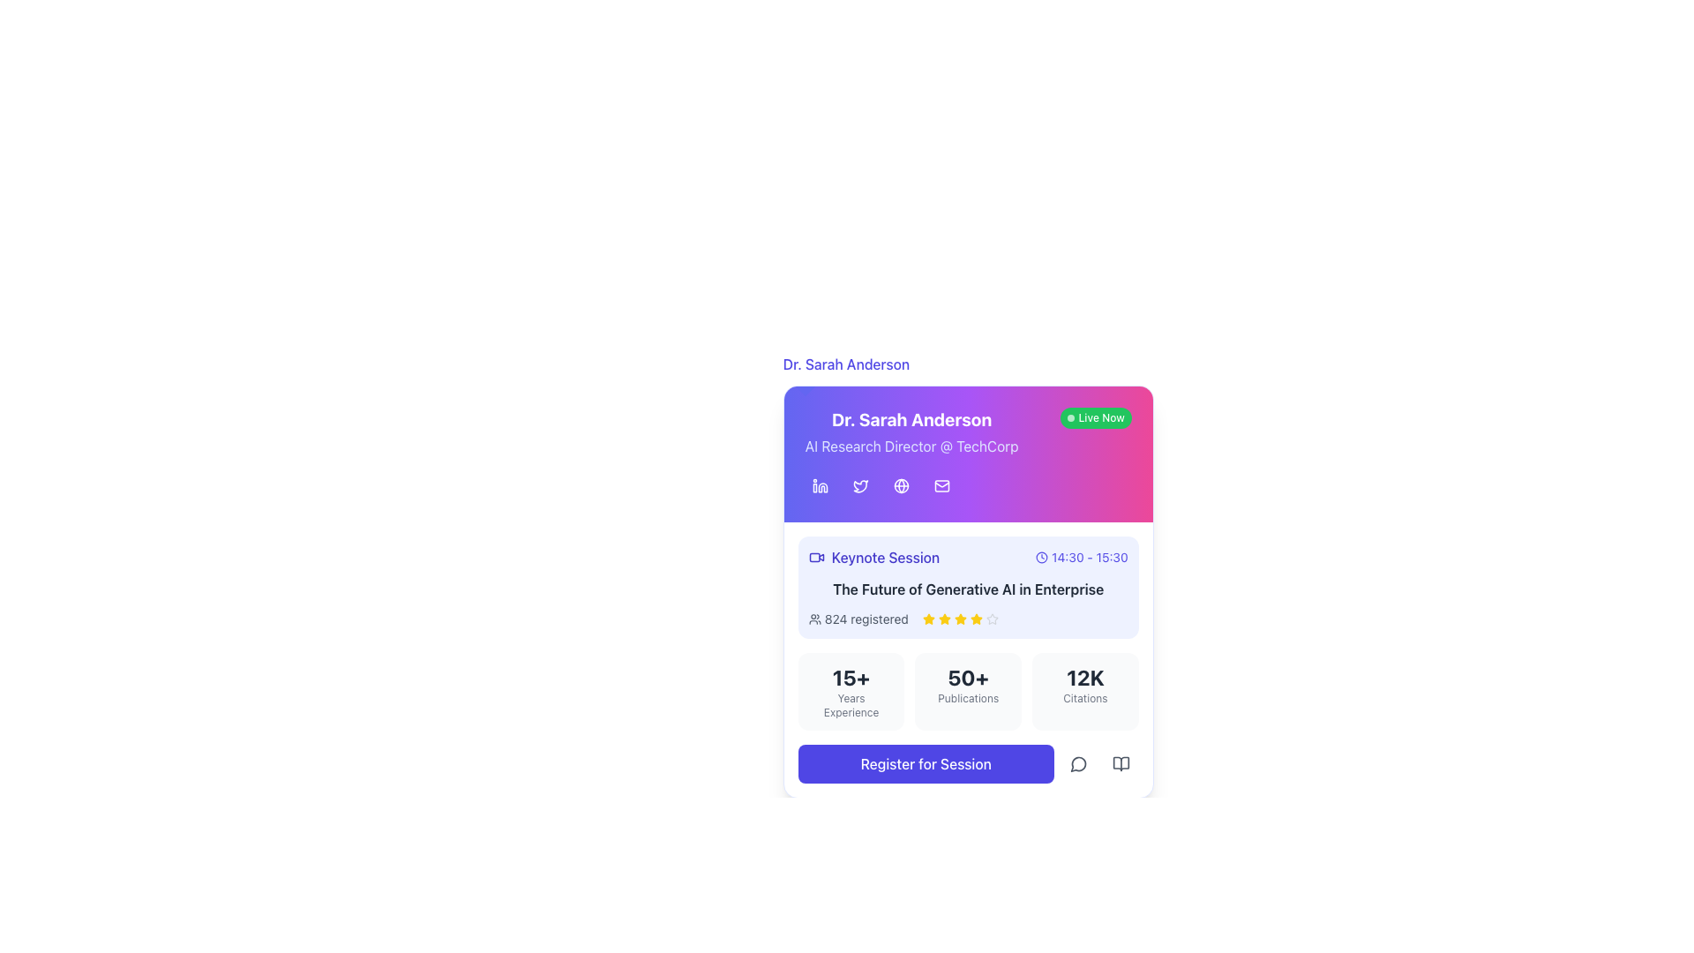 The height and width of the screenshot is (953, 1694). Describe the element at coordinates (1081, 558) in the screenshot. I see `the Icon with the clock icon and the text '14:30 - 15:30', which is located to the right of the 'Keynote Session' title text block` at that location.